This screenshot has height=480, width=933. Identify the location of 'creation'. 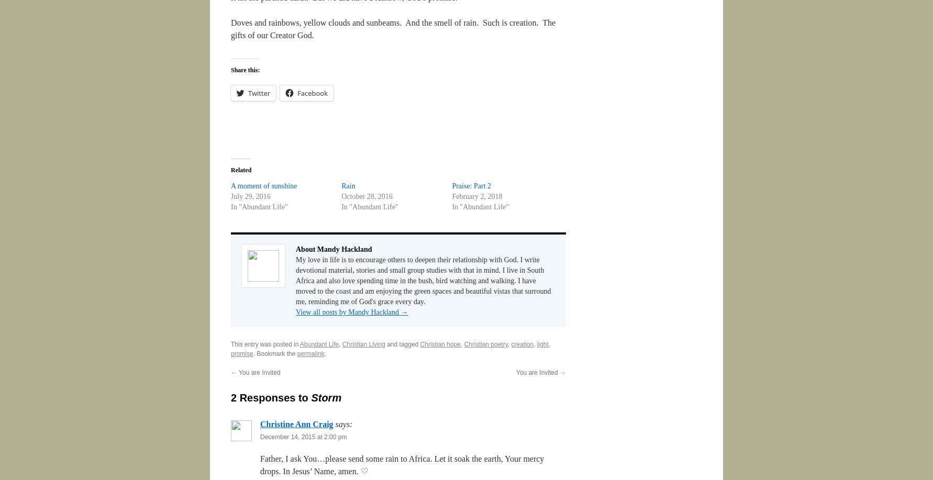
(521, 344).